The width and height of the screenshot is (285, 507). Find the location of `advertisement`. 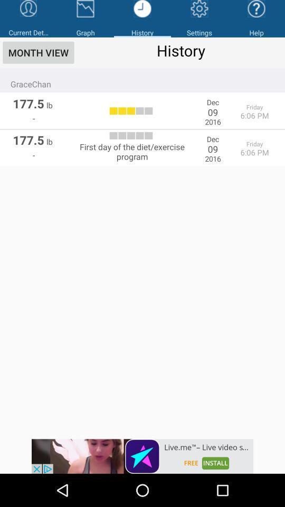

advertisement is located at coordinates (142, 456).